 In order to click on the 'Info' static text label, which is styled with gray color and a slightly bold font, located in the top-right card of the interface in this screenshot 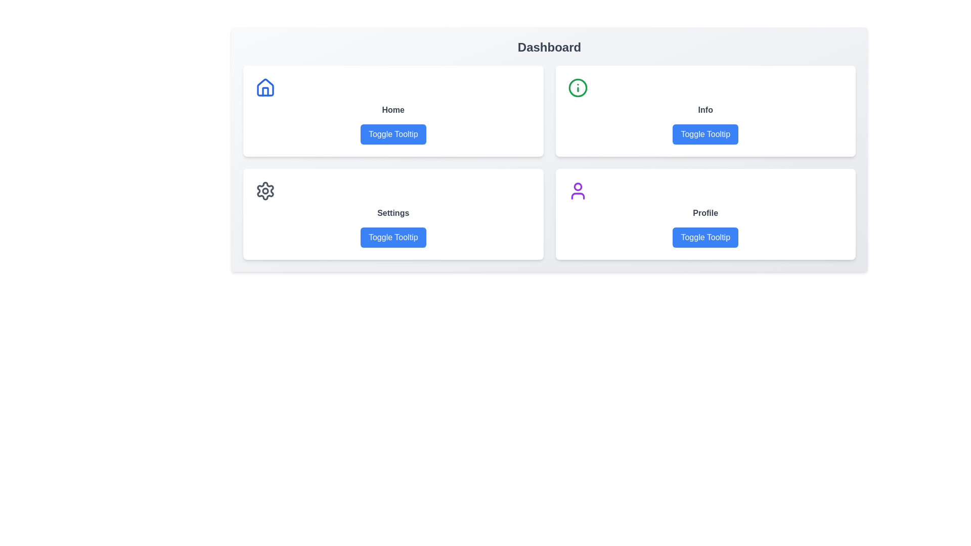, I will do `click(705, 110)`.